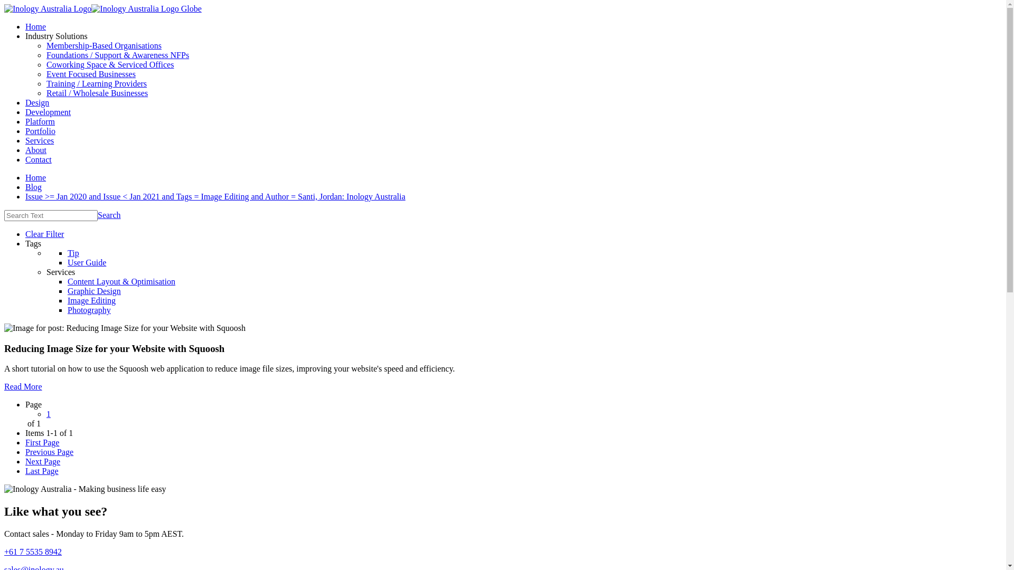 Image resolution: width=1014 pixels, height=570 pixels. Describe the element at coordinates (35, 150) in the screenshot. I see `'About'` at that location.